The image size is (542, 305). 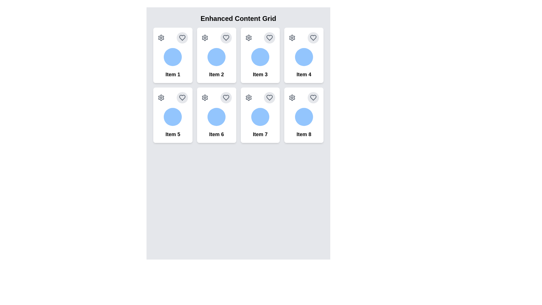 I want to click on the circular interactive button with a heart icon in the top-right corner of the card labeled 'Item 2', so click(x=226, y=38).